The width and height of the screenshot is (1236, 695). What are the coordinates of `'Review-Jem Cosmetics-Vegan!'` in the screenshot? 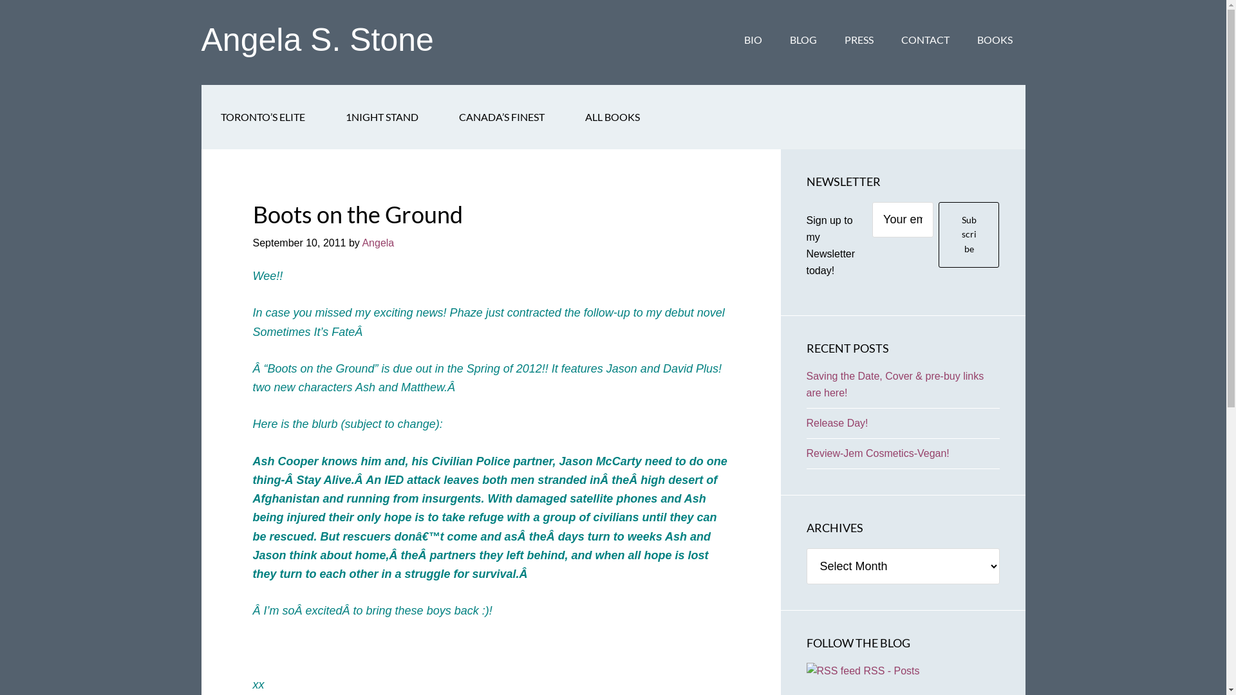 It's located at (877, 452).